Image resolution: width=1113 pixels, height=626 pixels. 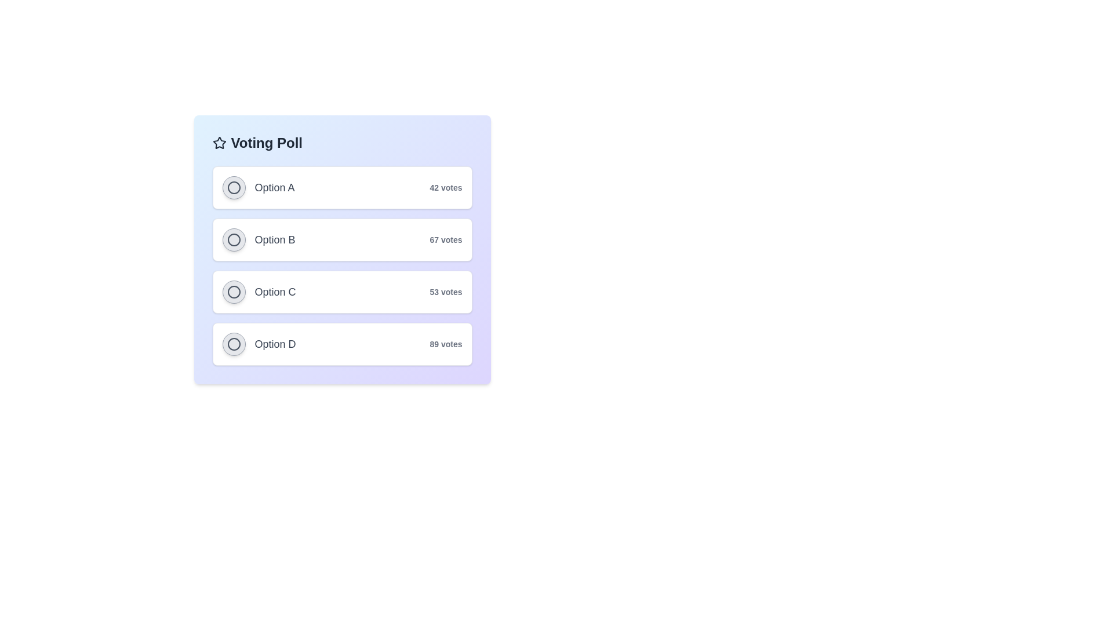 What do you see at coordinates (233, 292) in the screenshot?
I see `the radio button for 'Option C' in the voting poll` at bounding box center [233, 292].